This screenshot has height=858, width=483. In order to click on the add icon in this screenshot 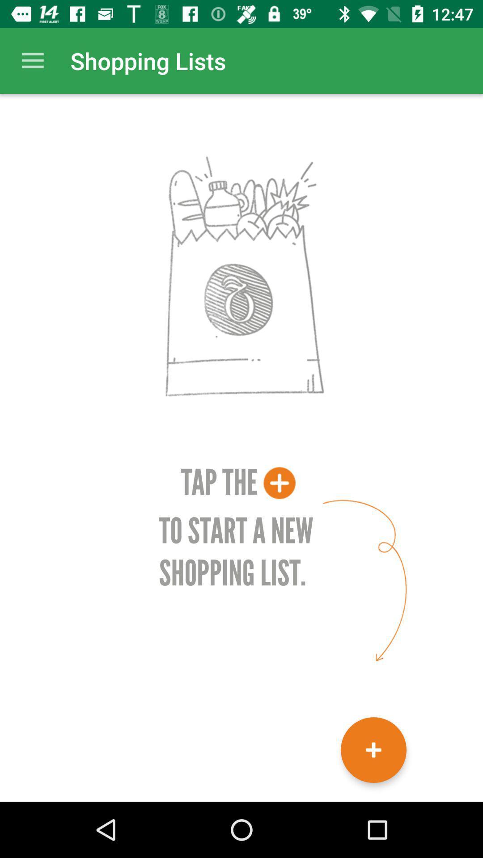, I will do `click(373, 750)`.